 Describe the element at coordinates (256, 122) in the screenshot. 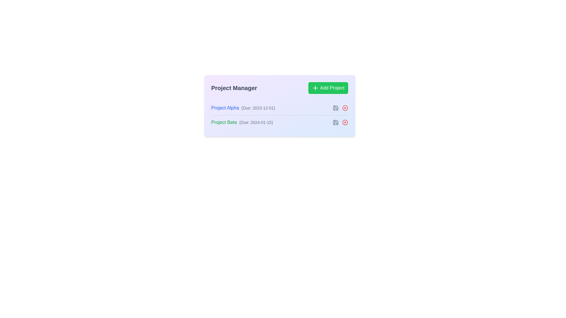

I see `the Text label that indicates the due date for 'Project Beta' in the 'Project Manager' section` at that location.